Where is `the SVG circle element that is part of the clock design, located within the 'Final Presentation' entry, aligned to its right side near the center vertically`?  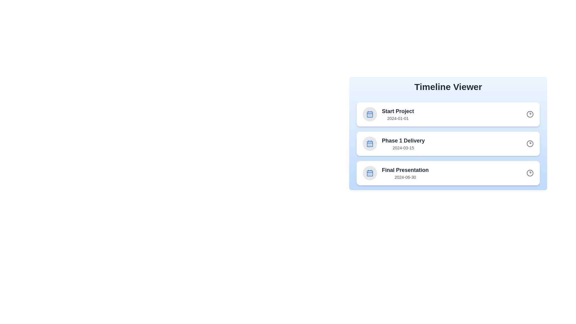
the SVG circle element that is part of the clock design, located within the 'Final Presentation' entry, aligned to its right side near the center vertically is located at coordinates (530, 173).